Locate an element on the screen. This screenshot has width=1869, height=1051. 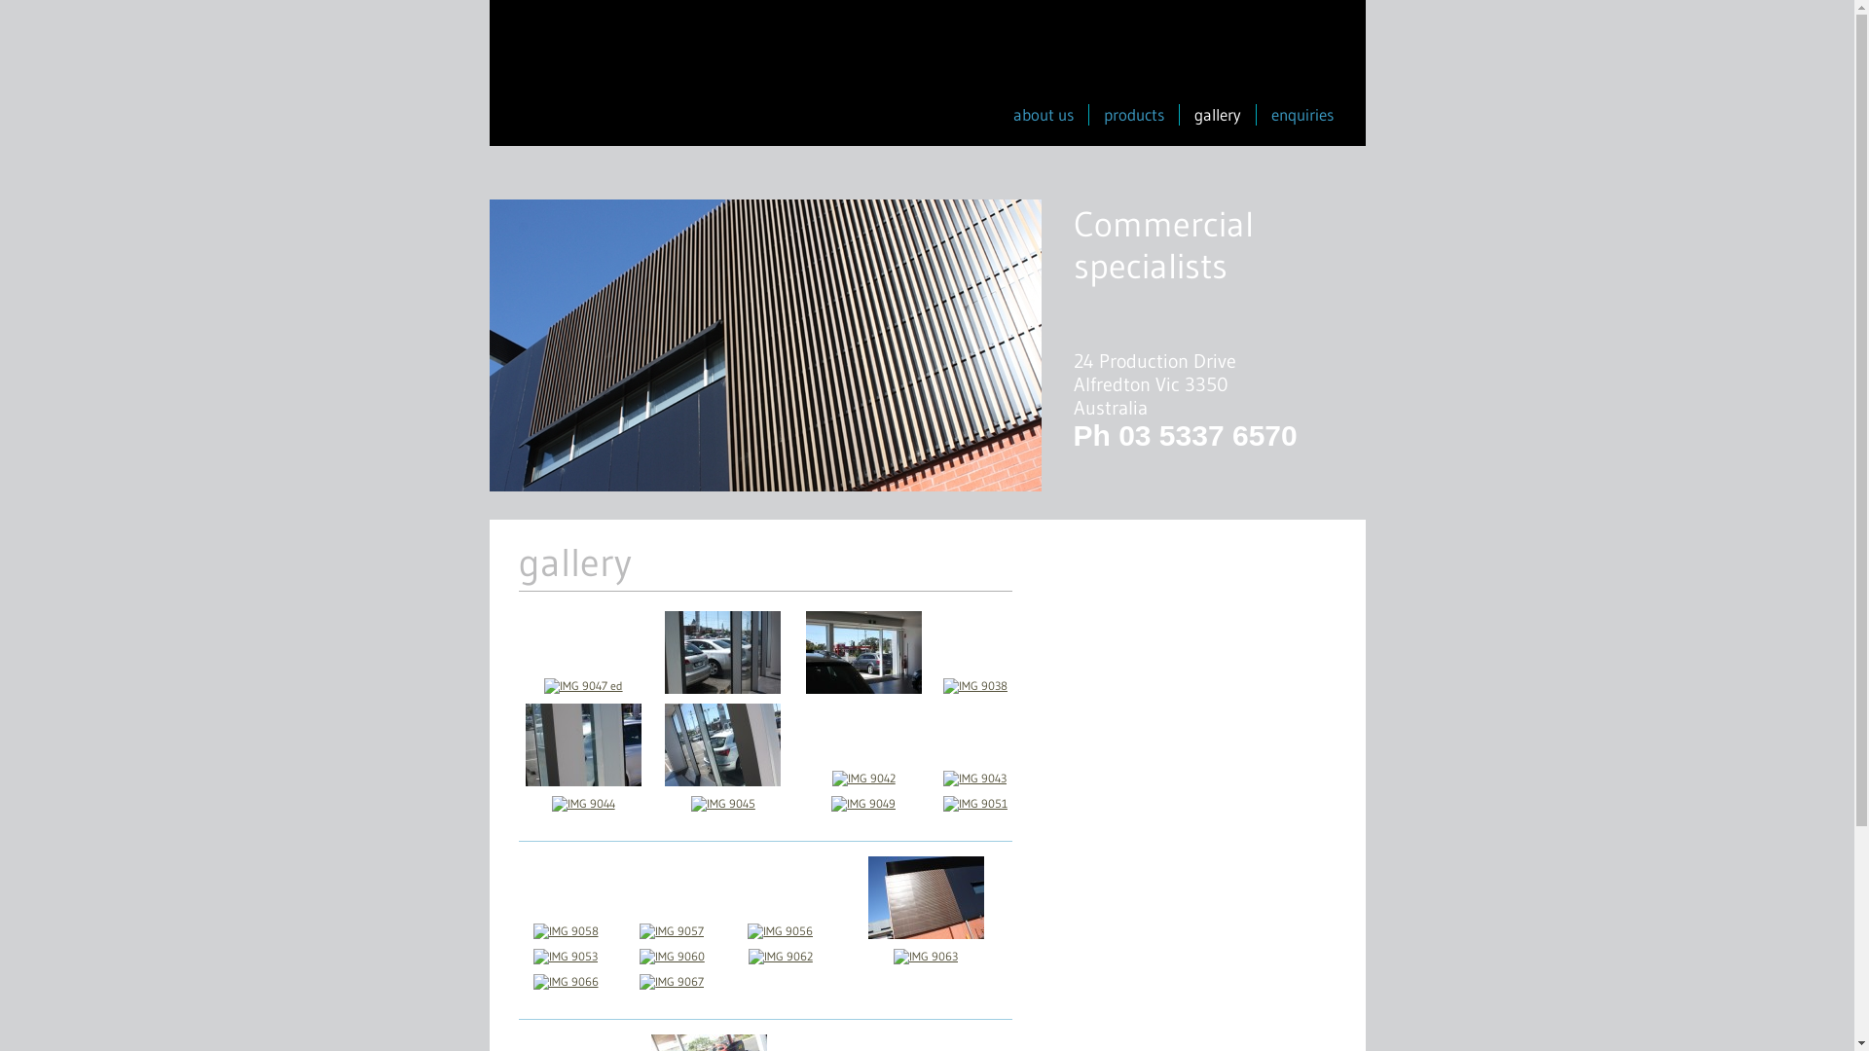
'enquiries' is located at coordinates (1302, 115).